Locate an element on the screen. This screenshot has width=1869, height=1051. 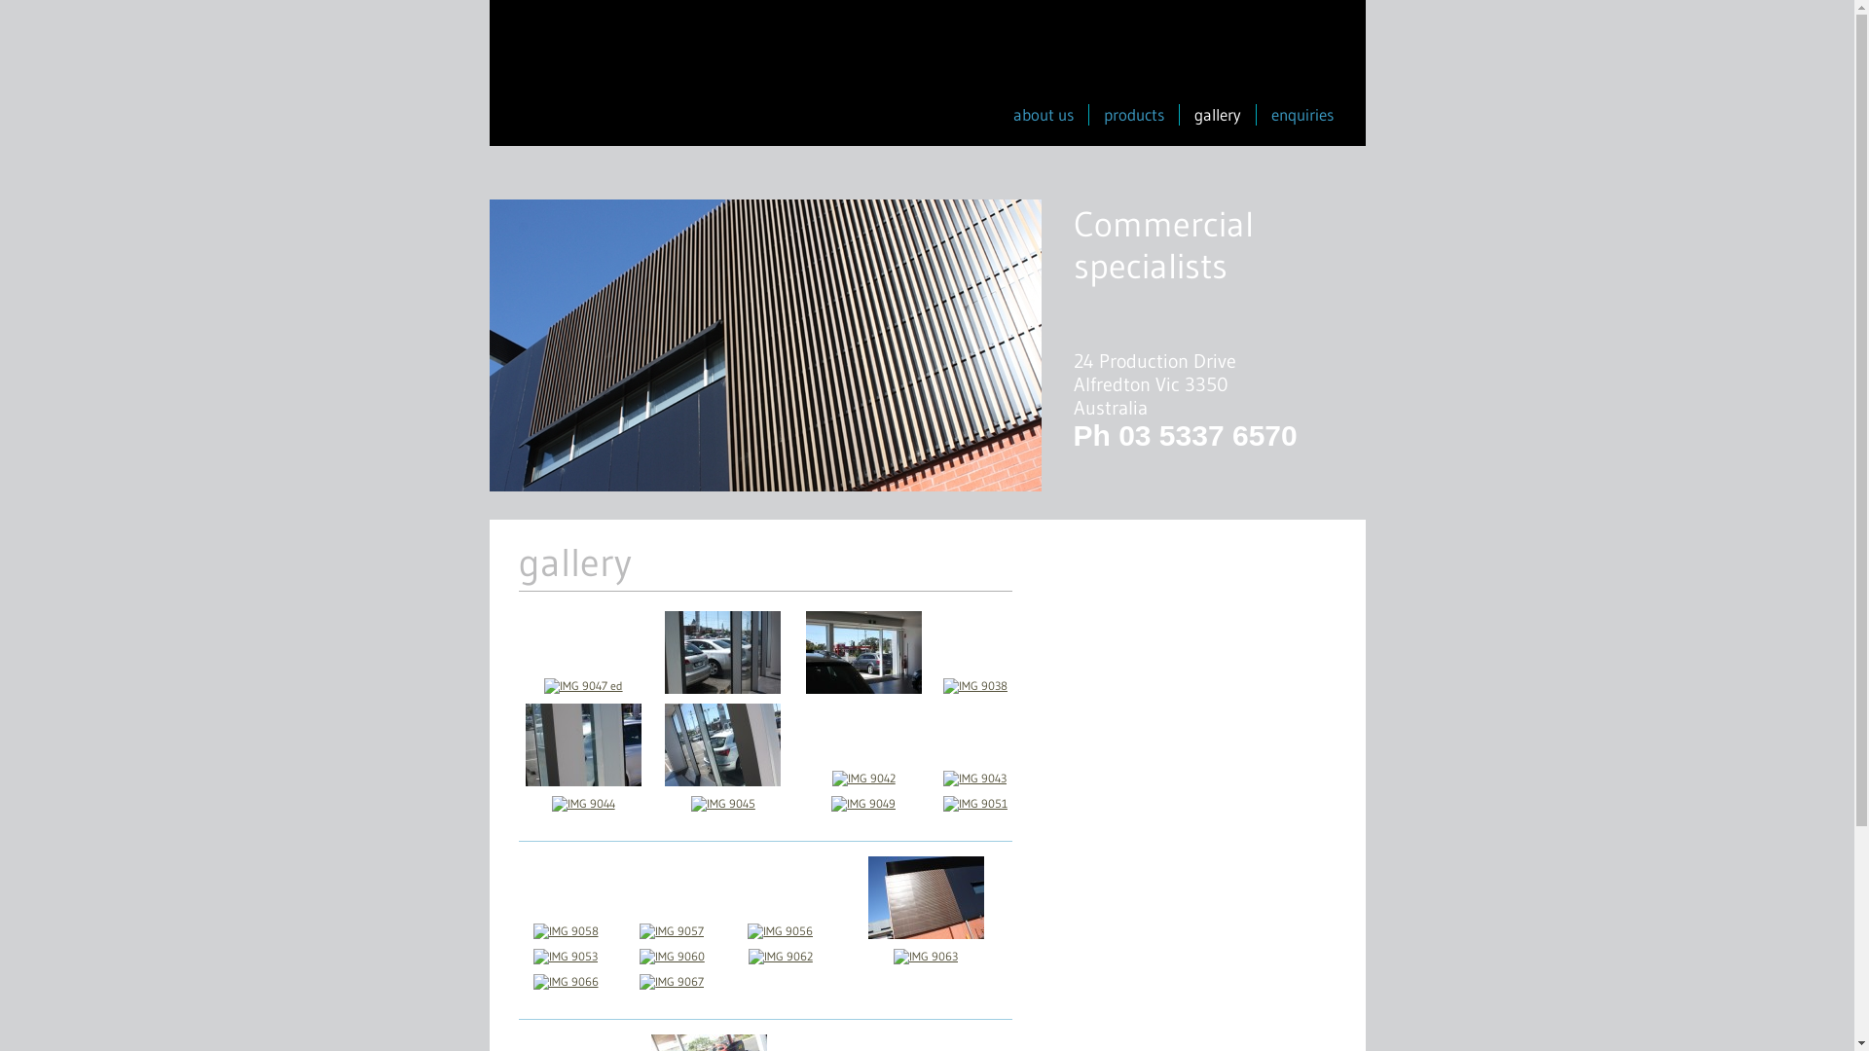
'enquiries' is located at coordinates (1302, 115).